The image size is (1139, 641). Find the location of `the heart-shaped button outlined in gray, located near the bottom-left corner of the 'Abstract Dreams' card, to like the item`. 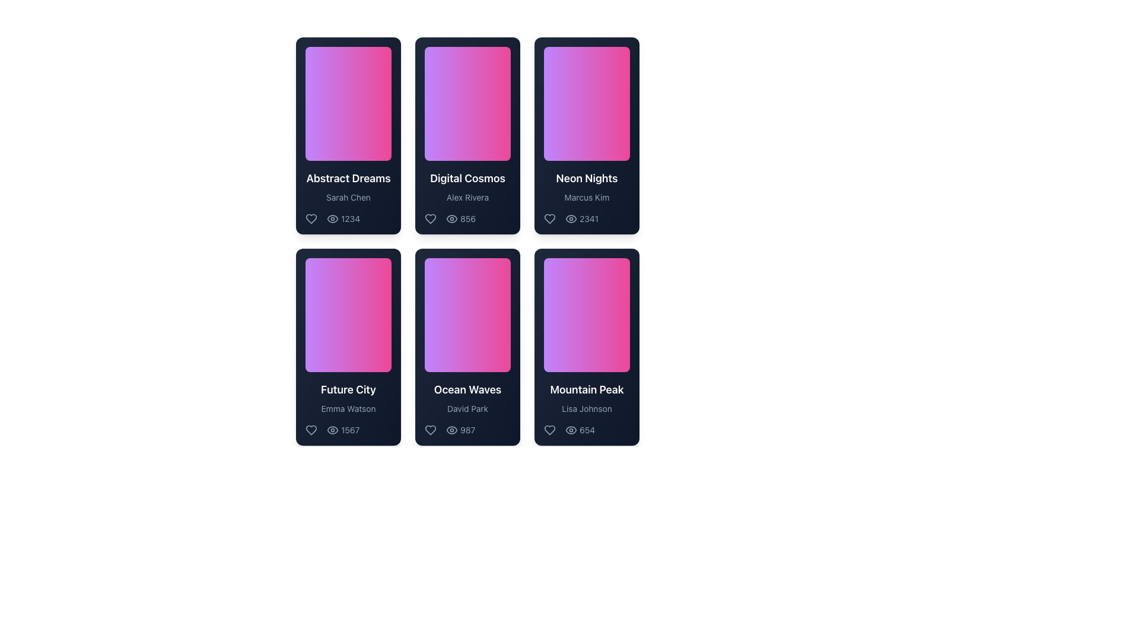

the heart-shaped button outlined in gray, located near the bottom-left corner of the 'Abstract Dreams' card, to like the item is located at coordinates (311, 219).